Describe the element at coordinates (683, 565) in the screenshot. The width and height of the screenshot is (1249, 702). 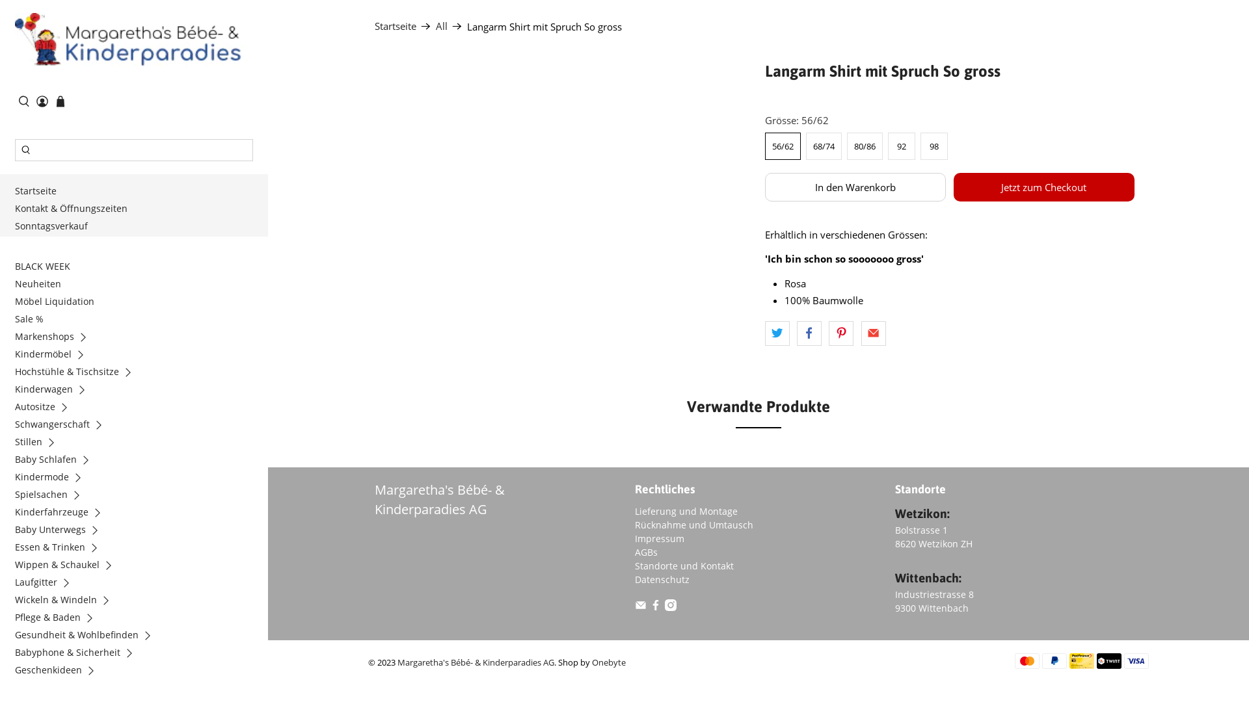
I see `'Standorte und Kontakt'` at that location.